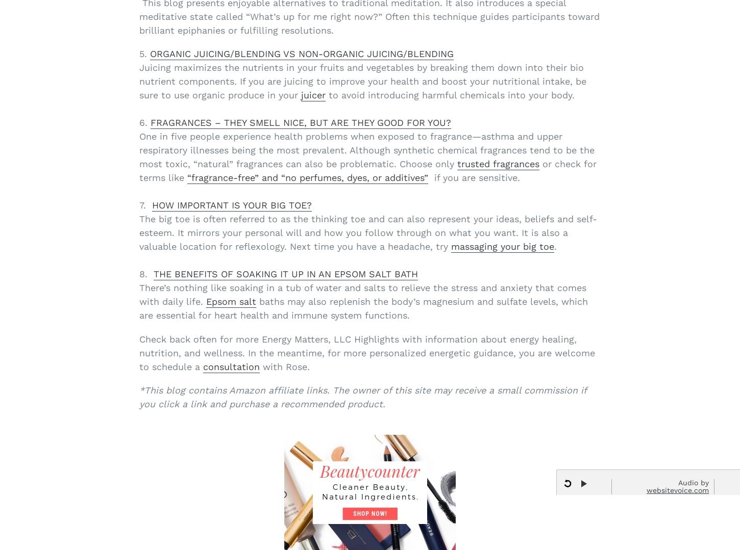 This screenshot has width=740, height=550. Describe the element at coordinates (259, 365) in the screenshot. I see `'with Rose.'` at that location.